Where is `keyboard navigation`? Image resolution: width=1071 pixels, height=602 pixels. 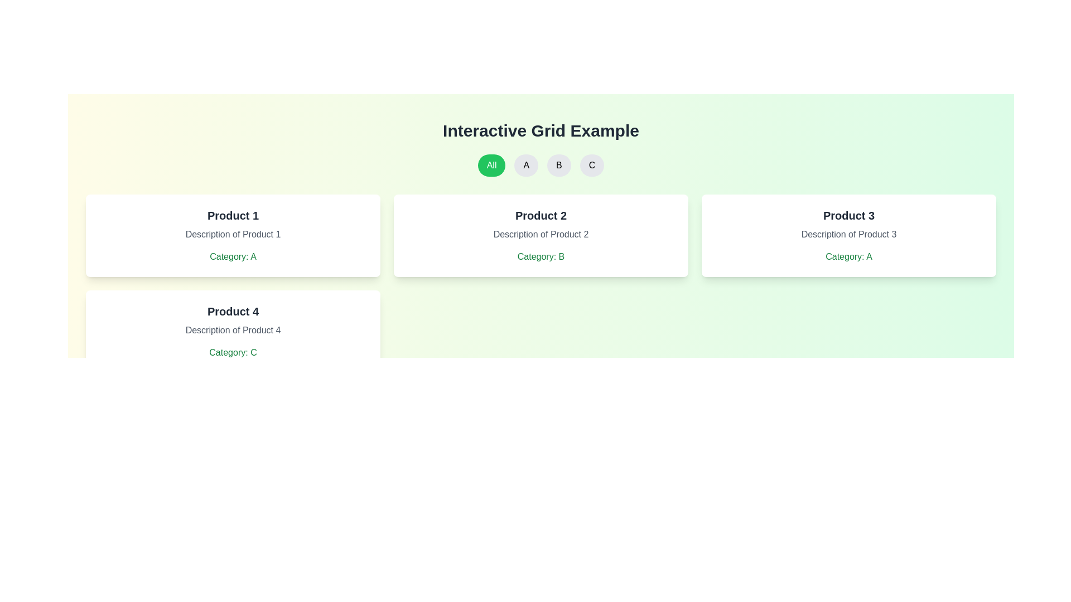 keyboard navigation is located at coordinates (559, 166).